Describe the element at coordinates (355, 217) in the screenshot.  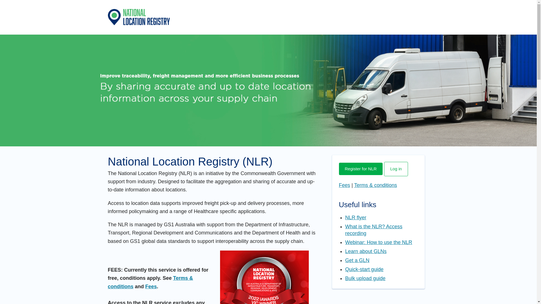
I see `'NLR flyer'` at that location.